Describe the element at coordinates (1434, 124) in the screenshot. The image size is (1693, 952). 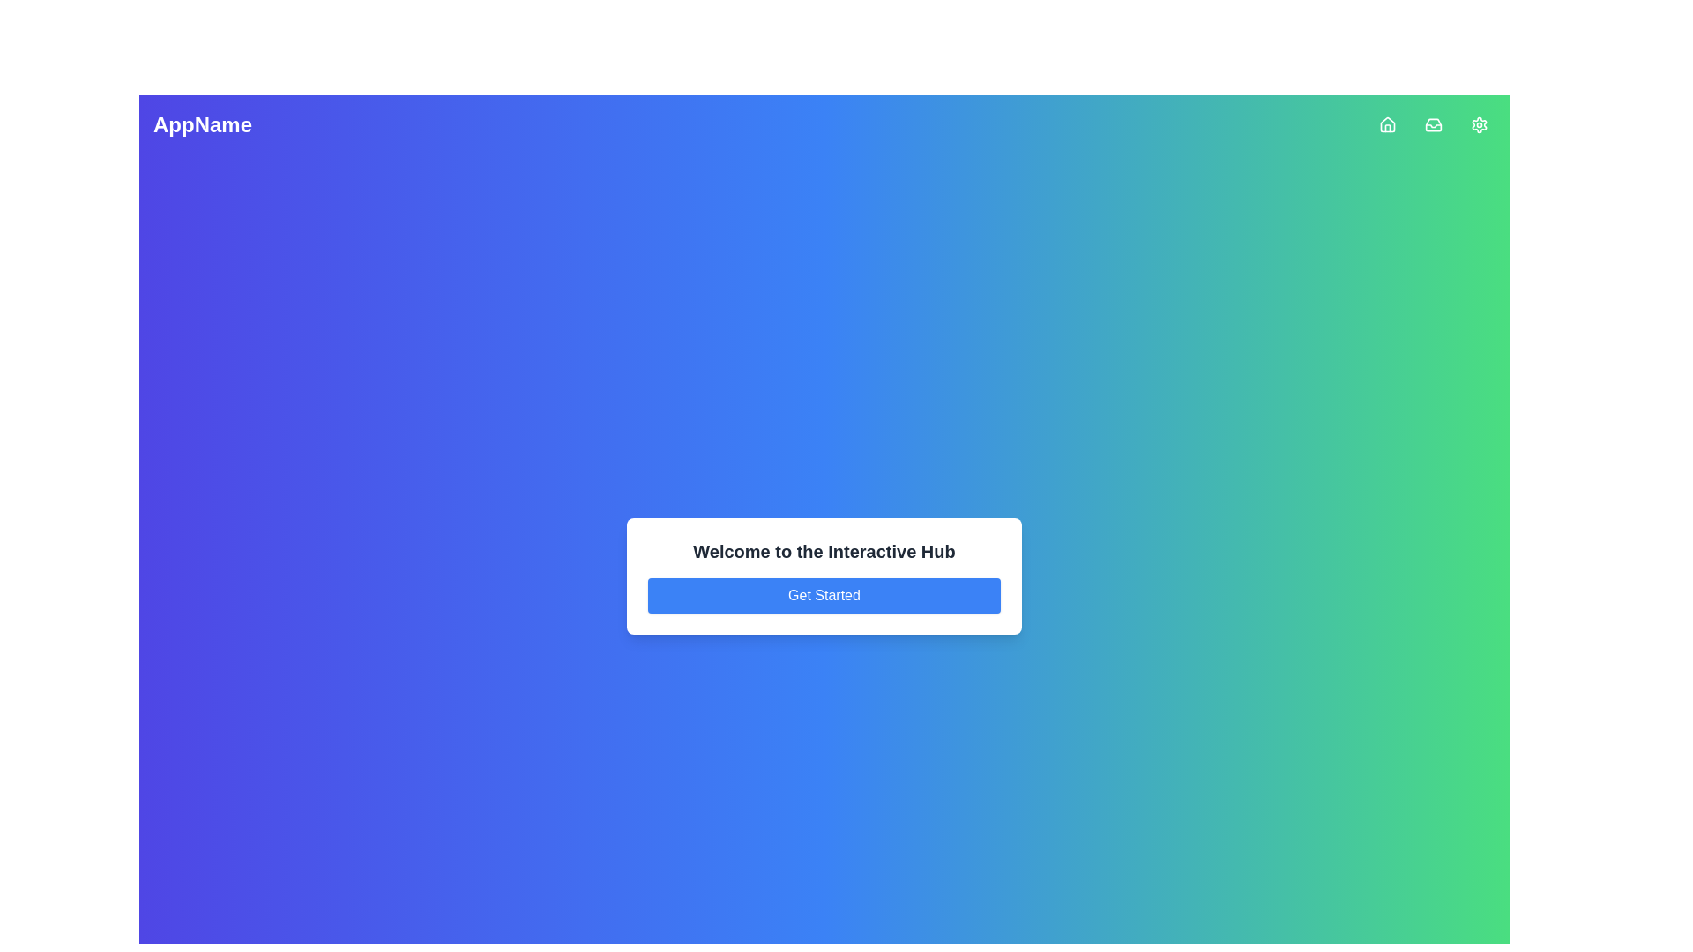
I see `the navigation icon located between the house icon and the gear icon in the top-right corner` at that location.